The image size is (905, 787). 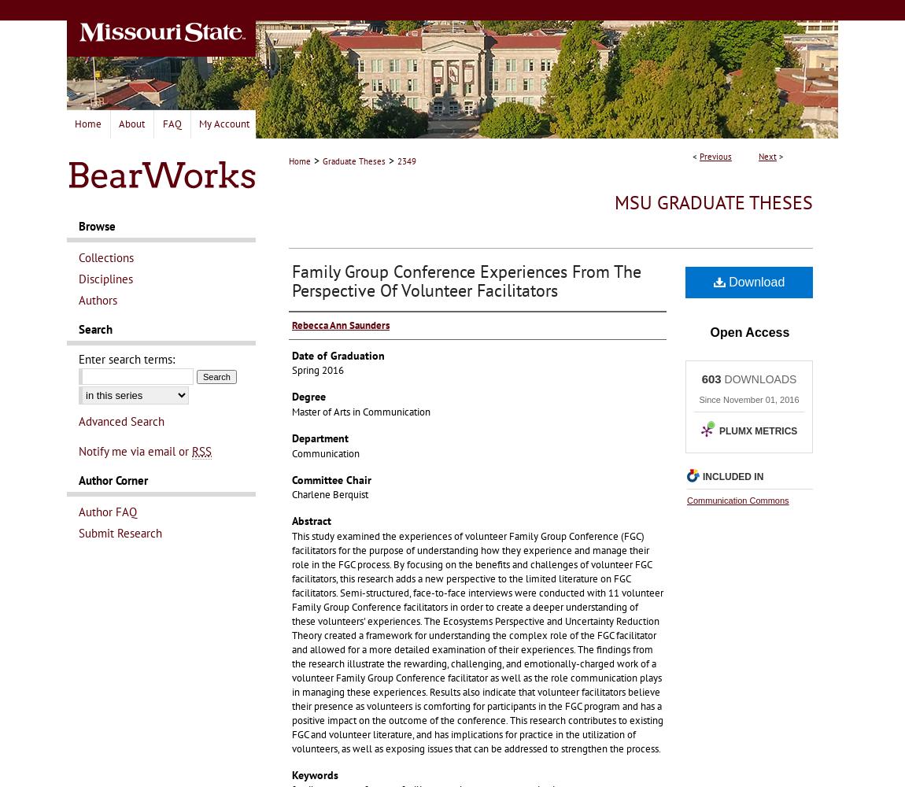 I want to click on 'Communication', so click(x=326, y=452).